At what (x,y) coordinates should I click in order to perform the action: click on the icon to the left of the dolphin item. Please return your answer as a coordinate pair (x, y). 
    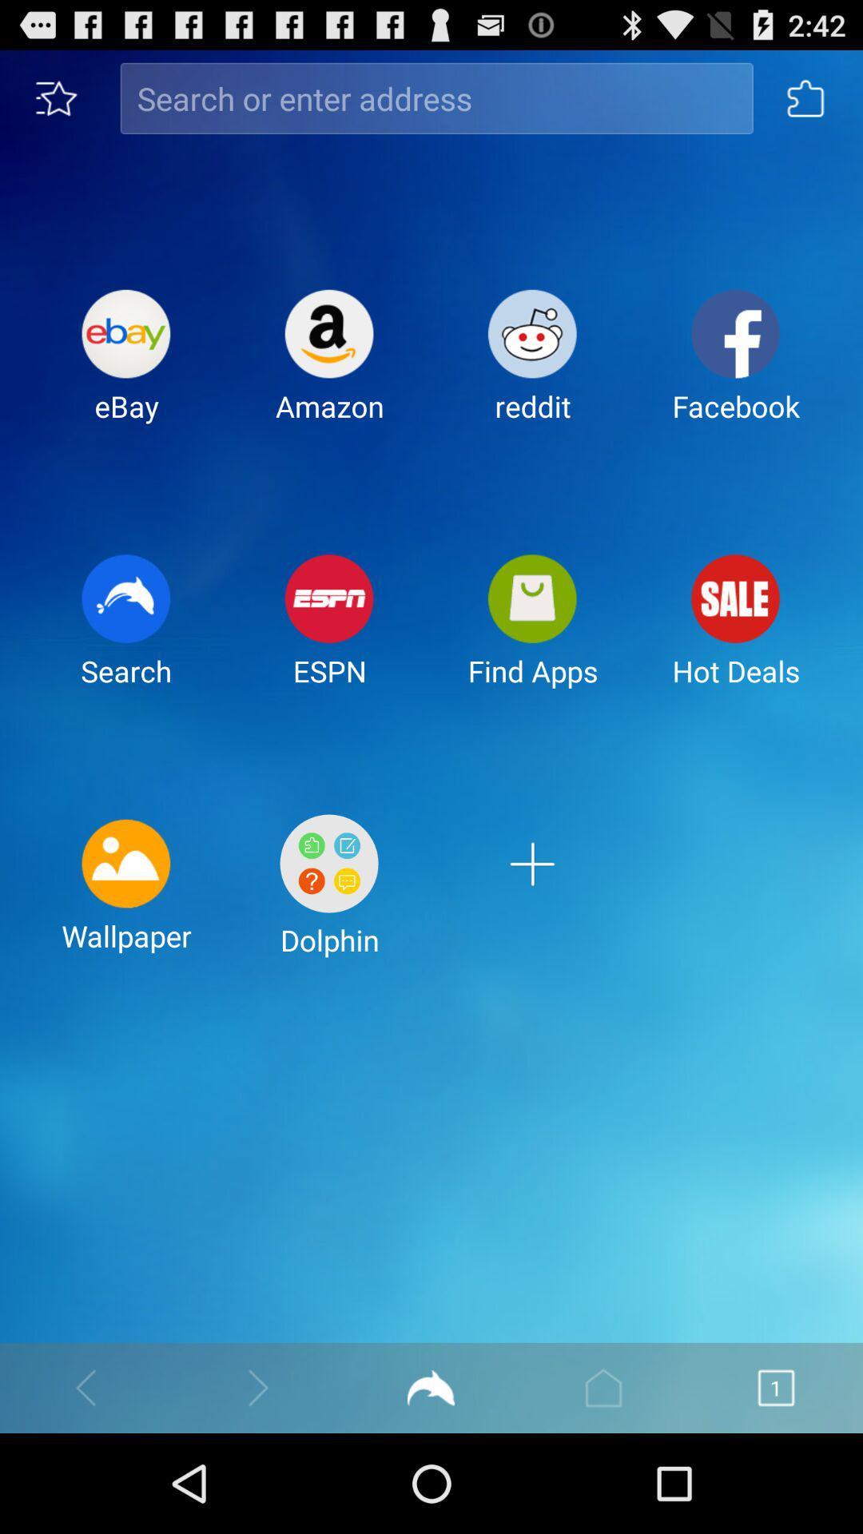
    Looking at the image, I should click on (125, 898).